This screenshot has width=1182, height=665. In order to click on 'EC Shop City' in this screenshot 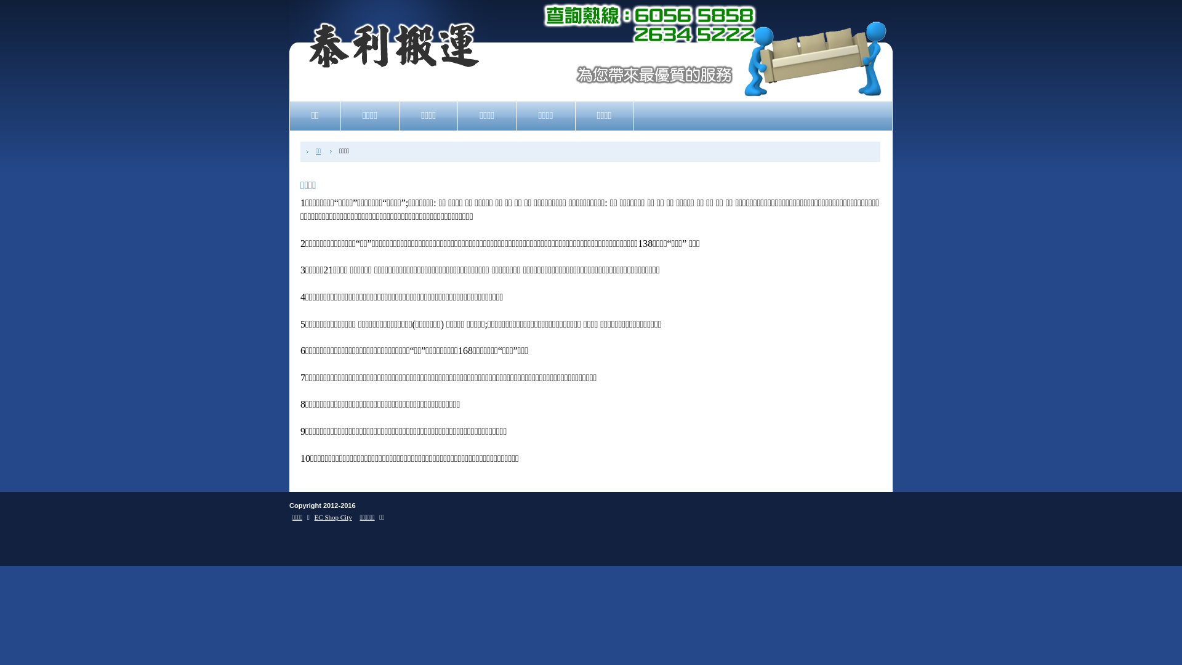, I will do `click(333, 517)`.